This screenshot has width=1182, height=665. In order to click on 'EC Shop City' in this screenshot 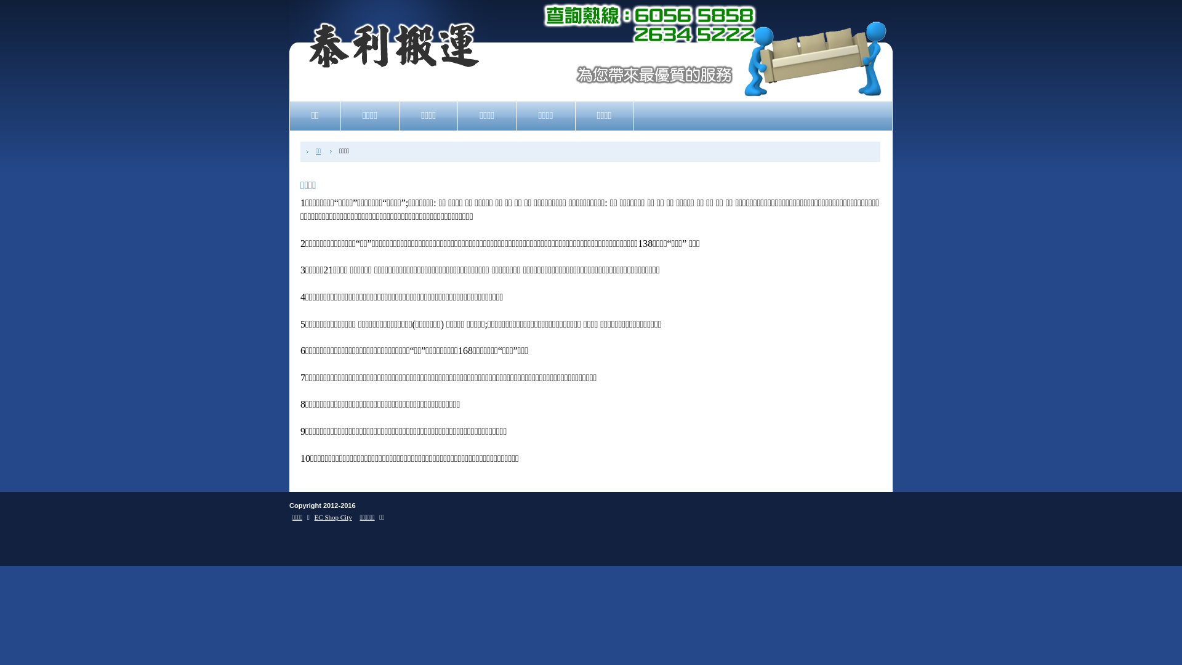, I will do `click(333, 517)`.